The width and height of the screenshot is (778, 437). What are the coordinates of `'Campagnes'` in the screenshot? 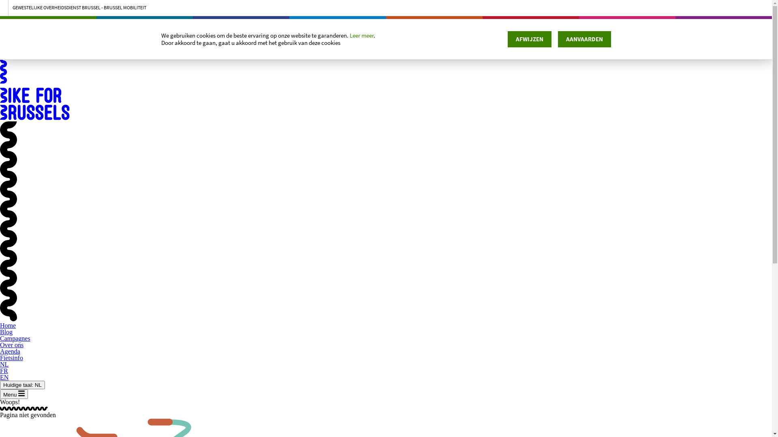 It's located at (15, 338).